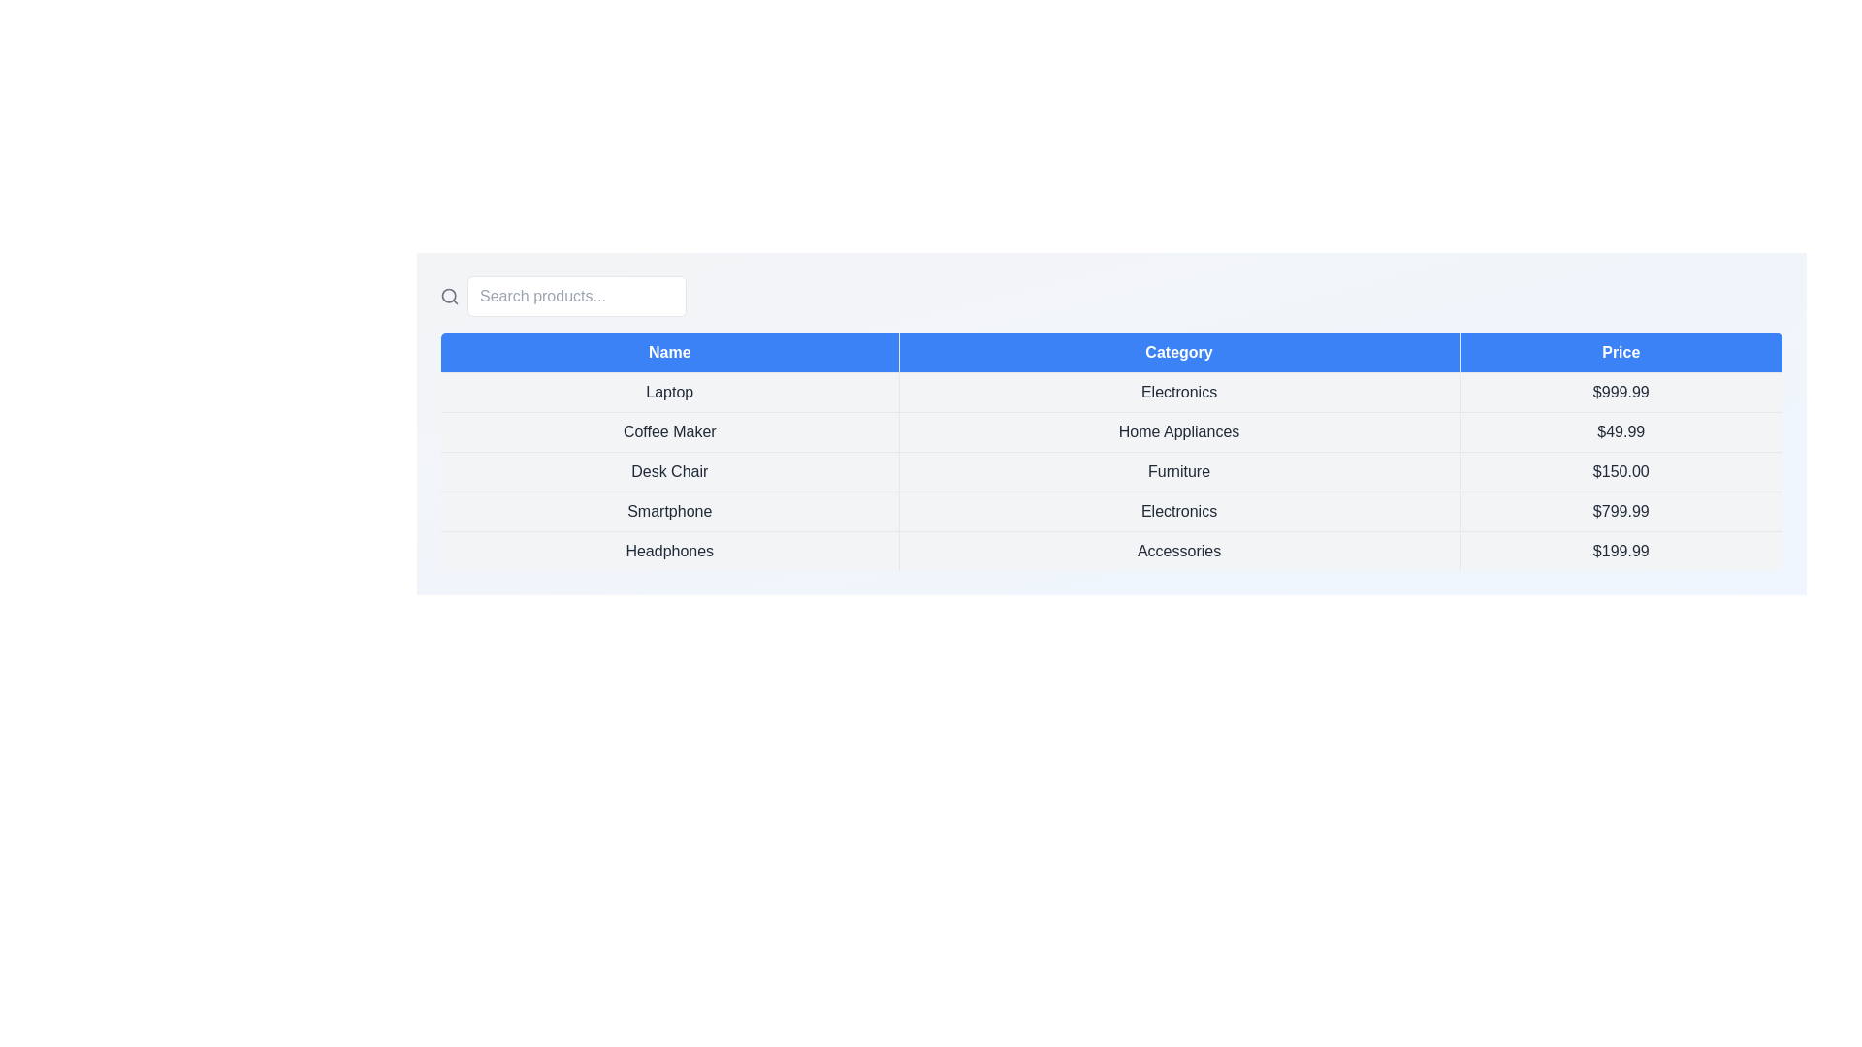 Image resolution: width=1862 pixels, height=1047 pixels. What do you see at coordinates (1621, 471) in the screenshot?
I see `text displayed in the Text Label showing the price "$150.00", which is located in the third row and third column of the table, aligned with the "Price" header and the "Desk Chair" row` at bounding box center [1621, 471].